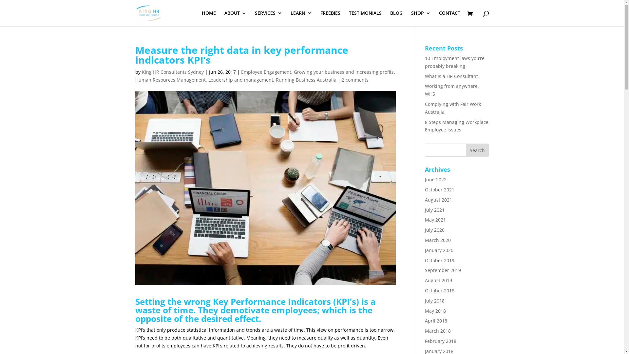 The image size is (629, 354). Describe the element at coordinates (440, 290) in the screenshot. I see `'October 2018'` at that location.